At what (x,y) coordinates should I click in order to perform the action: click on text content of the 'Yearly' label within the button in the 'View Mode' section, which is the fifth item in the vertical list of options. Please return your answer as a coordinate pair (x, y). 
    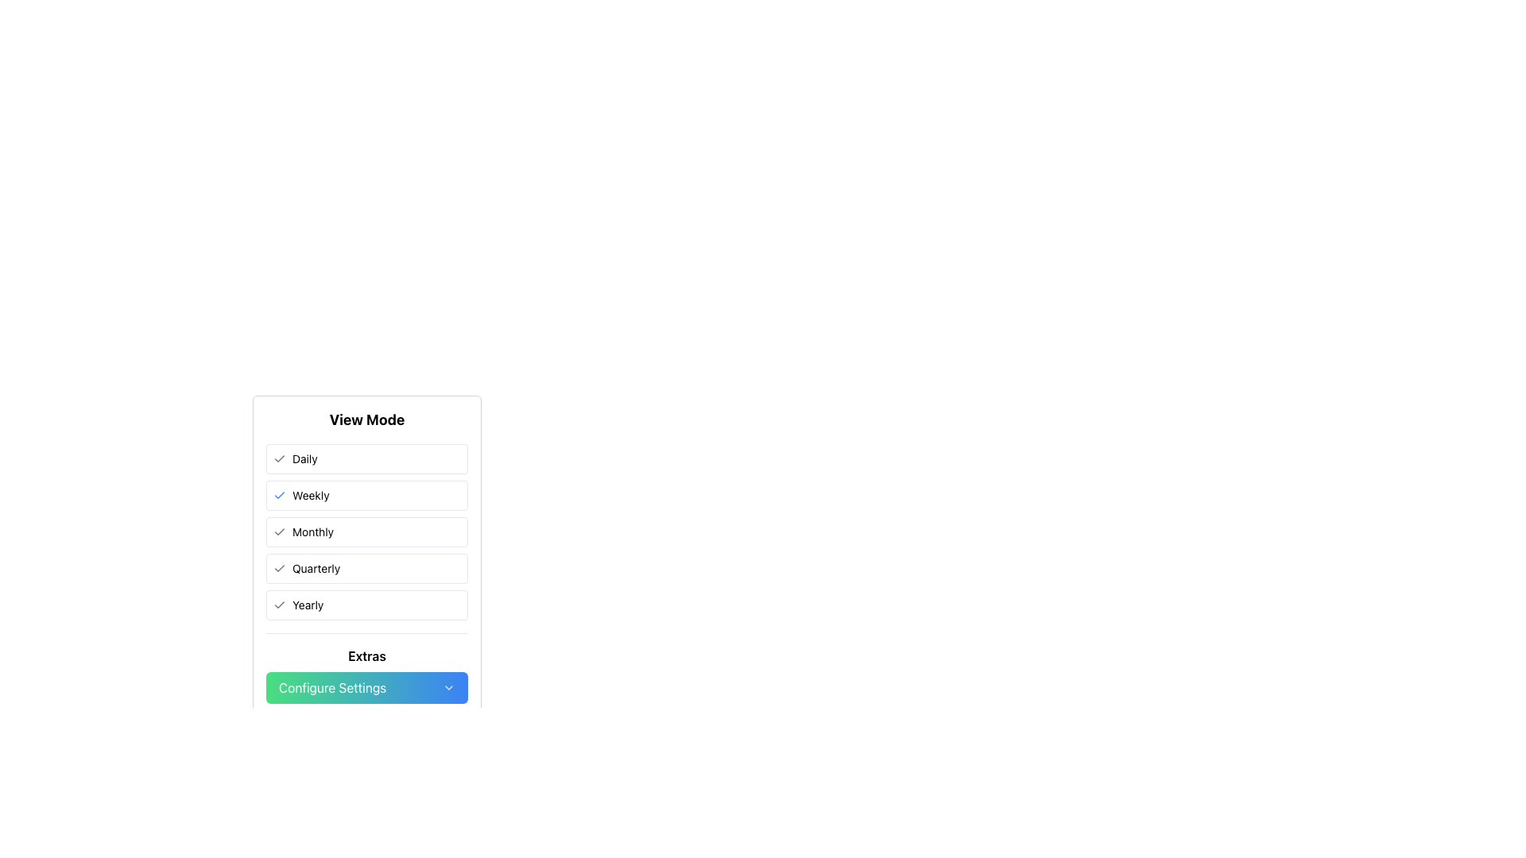
    Looking at the image, I should click on (308, 605).